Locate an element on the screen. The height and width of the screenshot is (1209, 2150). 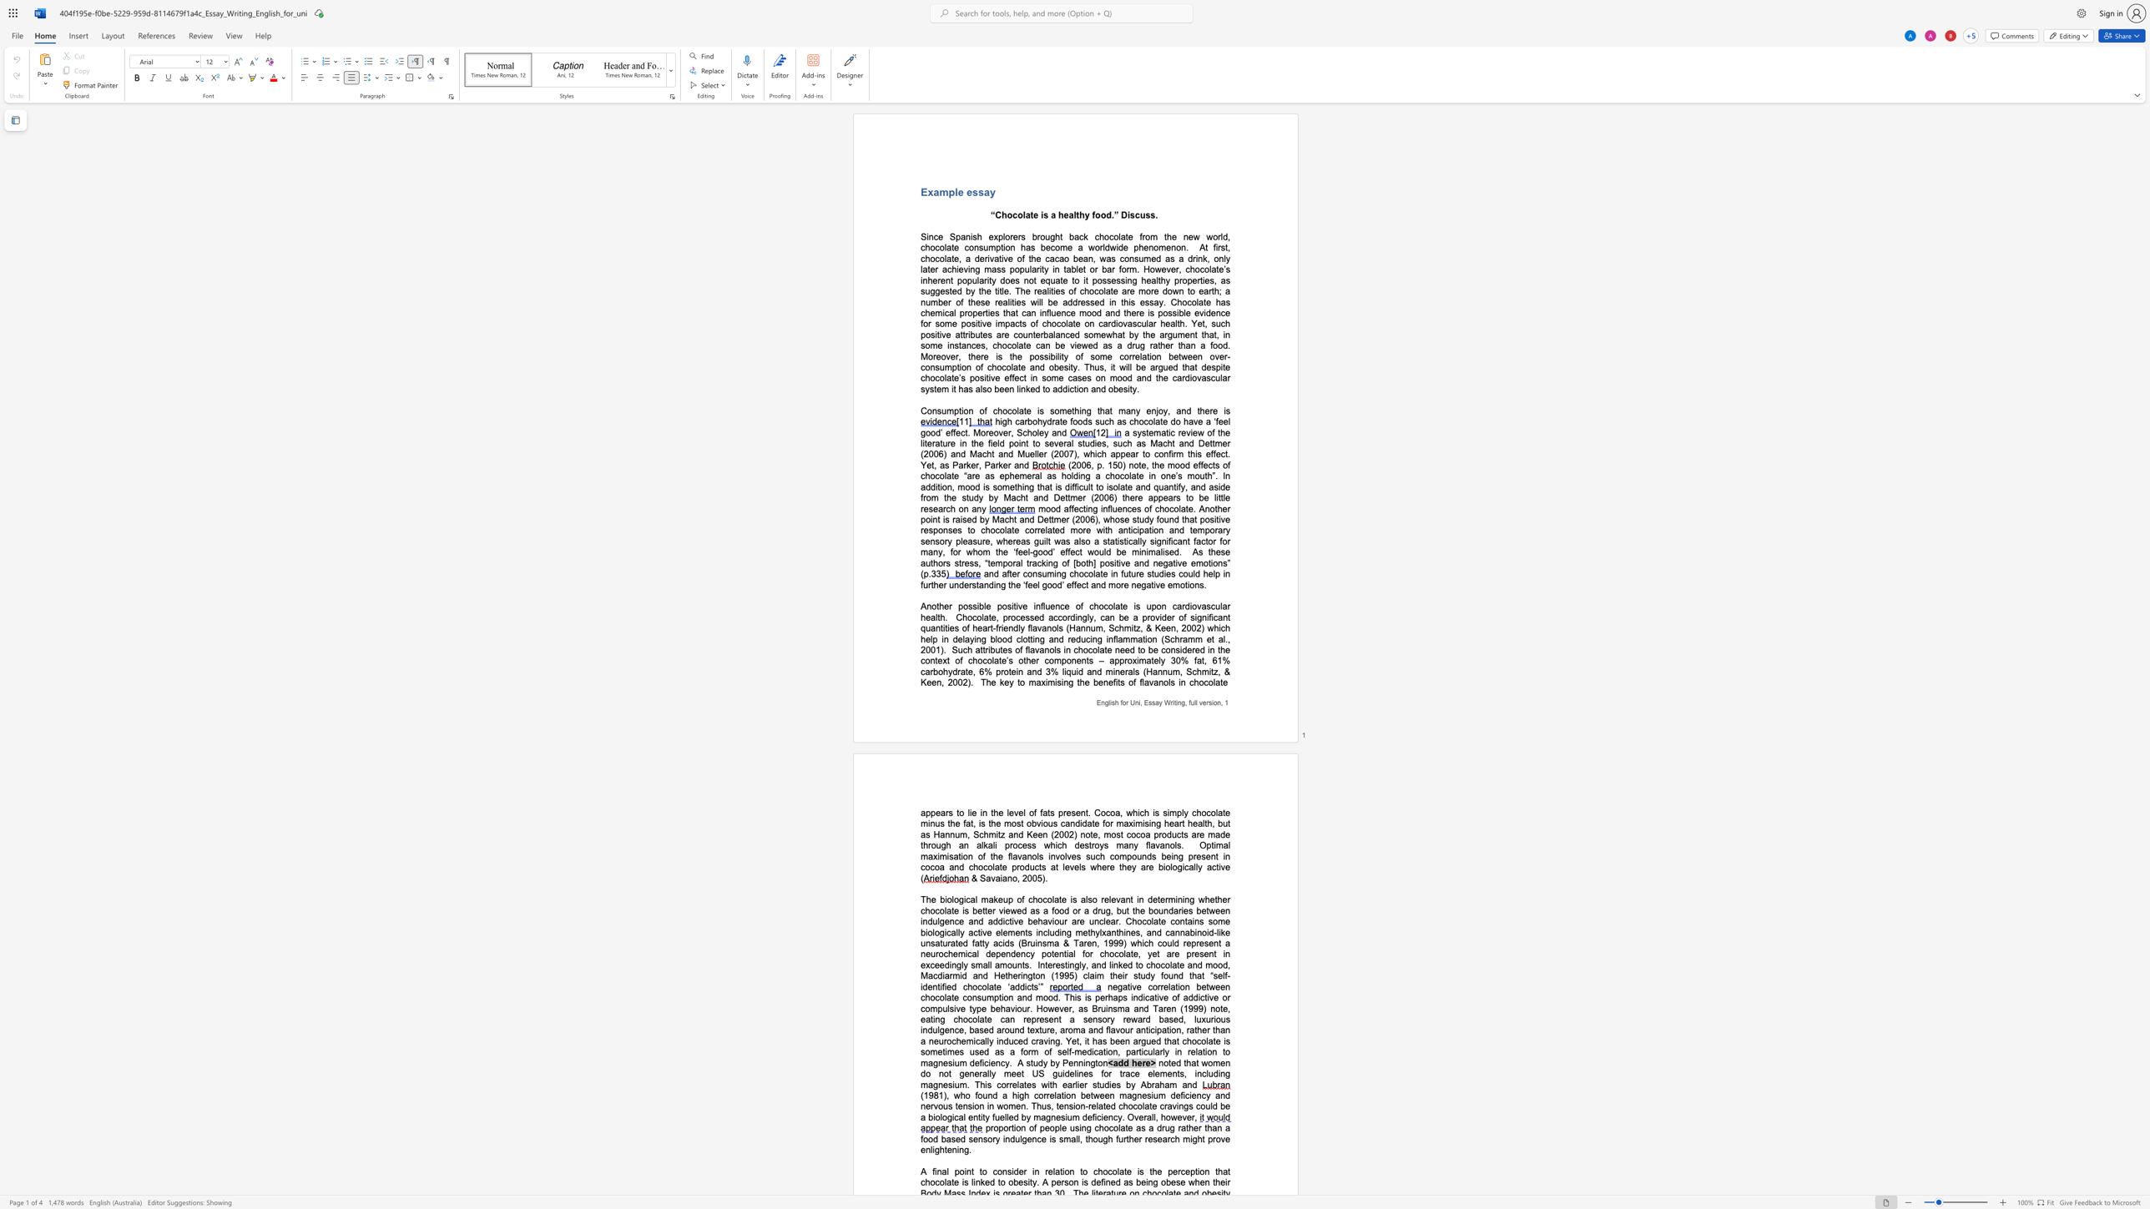
the space between the continuous character "a" and "y" in the text is located at coordinates (989, 191).